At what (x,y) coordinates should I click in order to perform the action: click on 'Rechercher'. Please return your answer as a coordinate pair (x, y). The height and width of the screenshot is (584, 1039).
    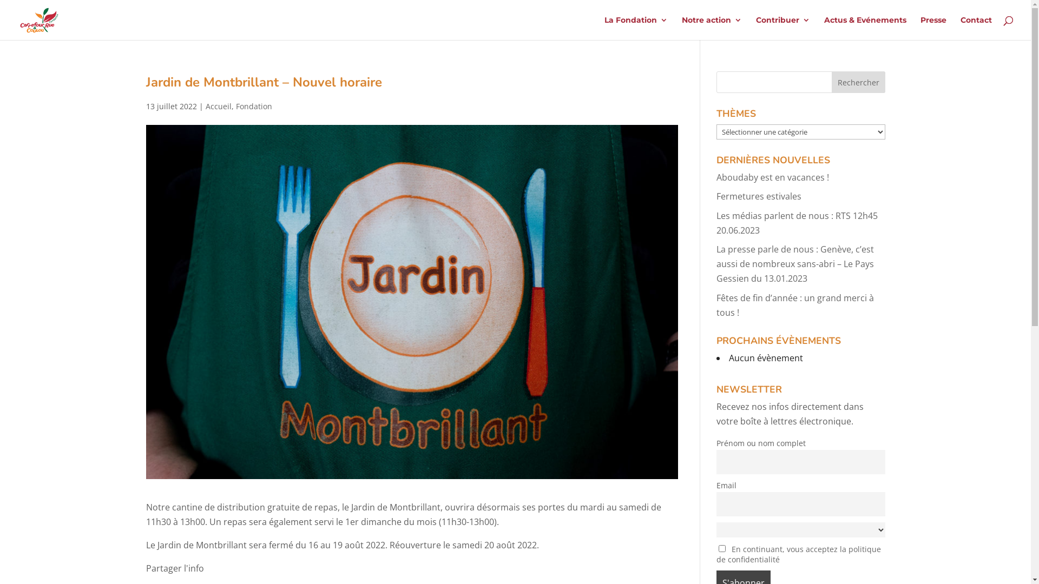
    Looking at the image, I should click on (858, 81).